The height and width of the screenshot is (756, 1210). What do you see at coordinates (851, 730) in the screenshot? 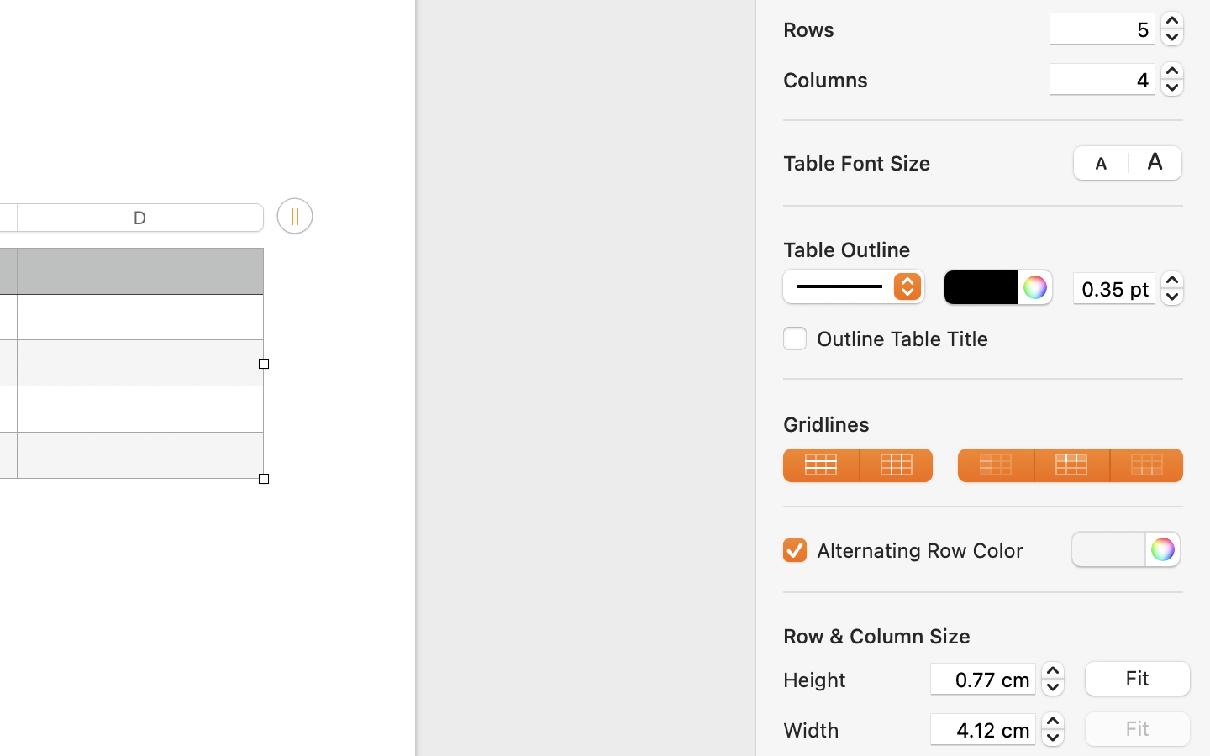
I see `'Width'` at bounding box center [851, 730].